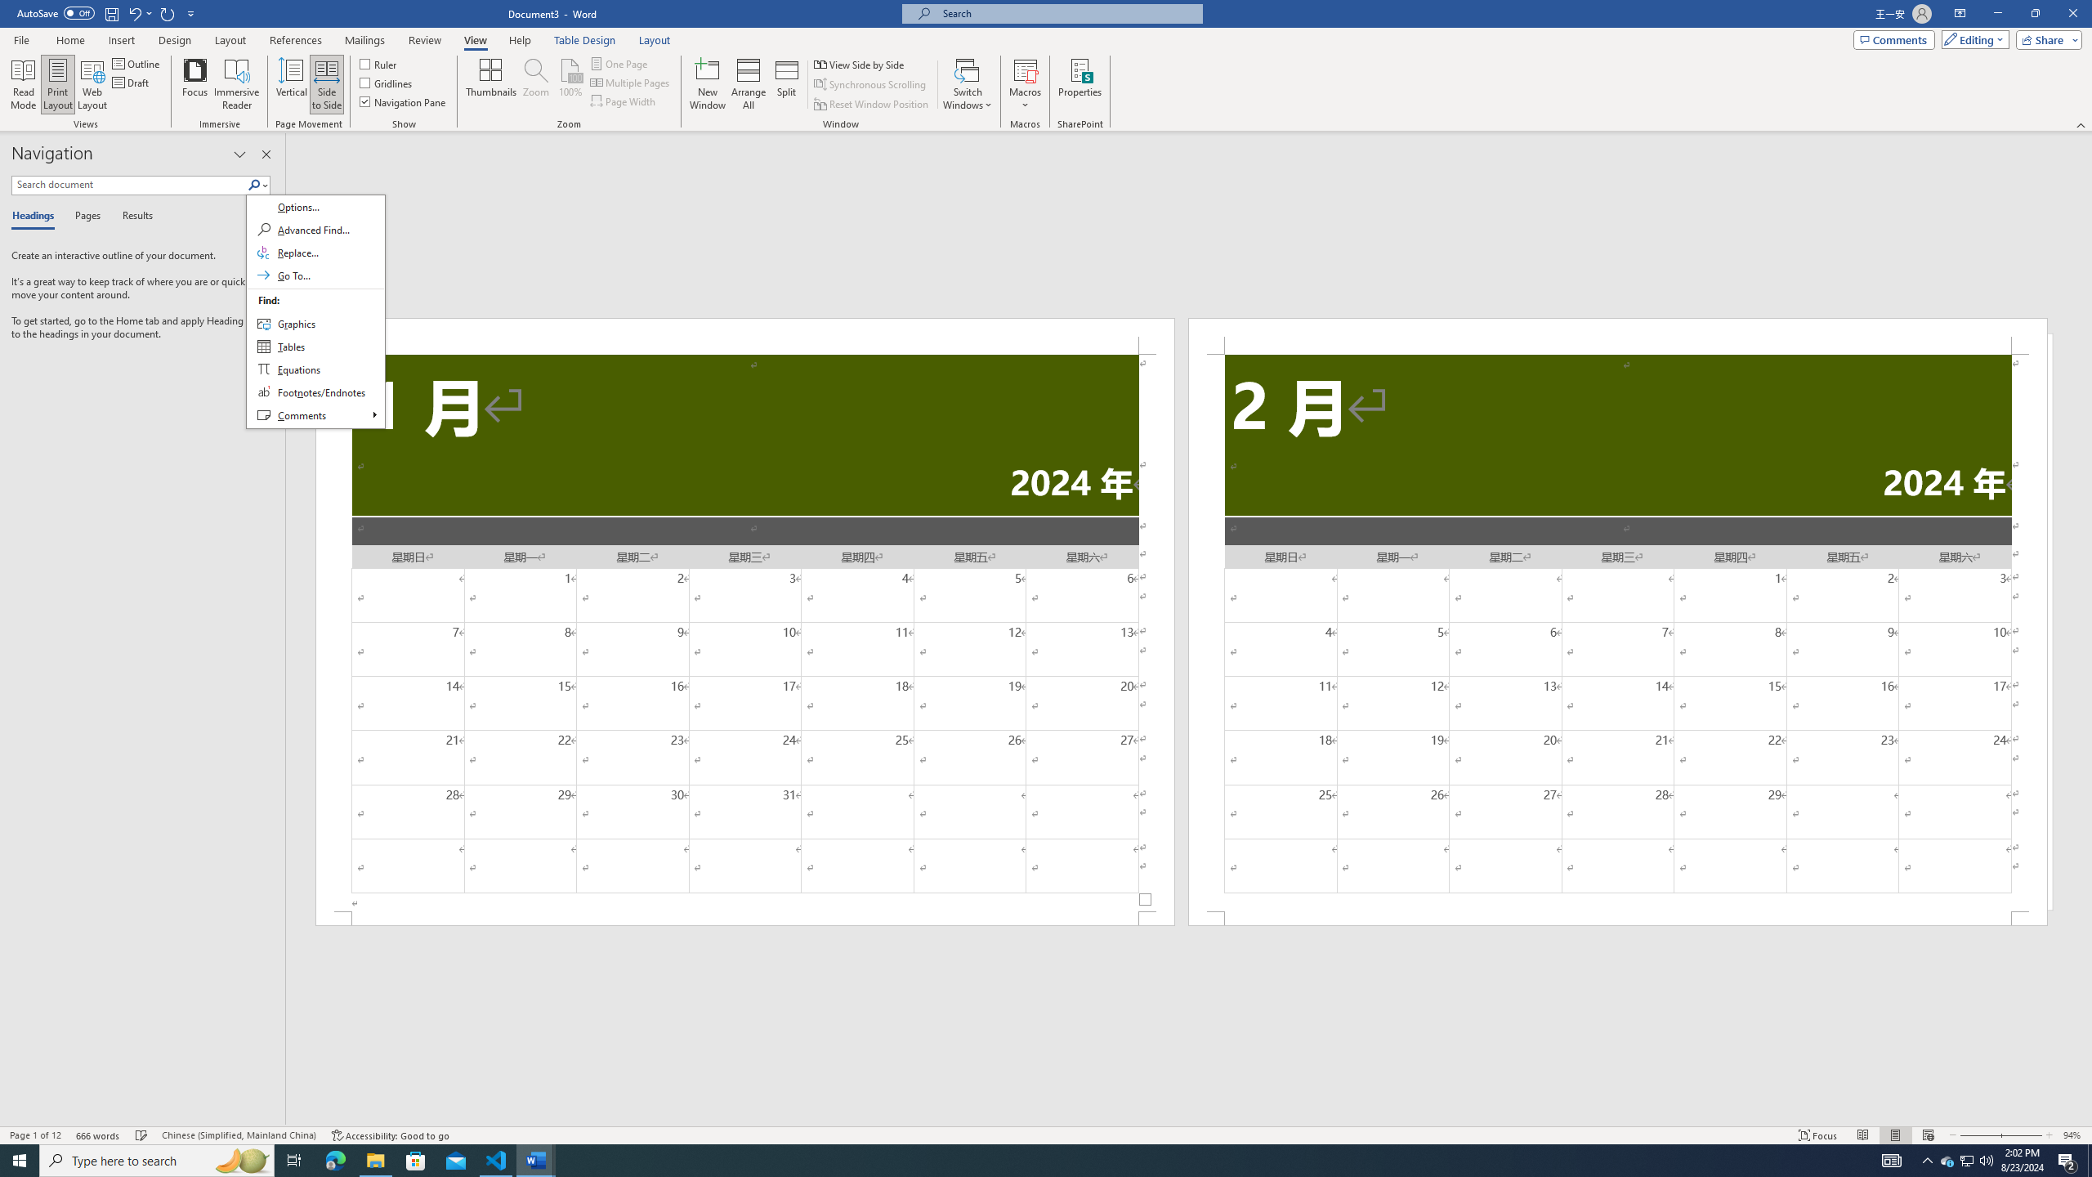  Describe the element at coordinates (1892, 1159) in the screenshot. I see `'AutomationID: 4105'` at that location.